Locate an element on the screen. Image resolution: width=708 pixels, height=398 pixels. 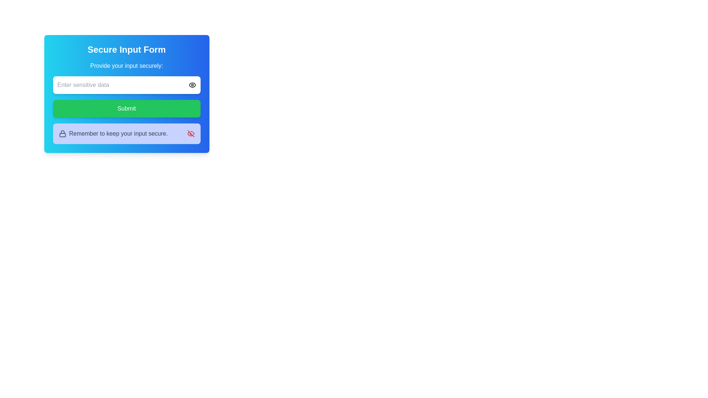
the visibility toggling icon button, which resembles a stylized eye with a strike-through, located at the bottom right of the notification panel is located at coordinates (191, 133).